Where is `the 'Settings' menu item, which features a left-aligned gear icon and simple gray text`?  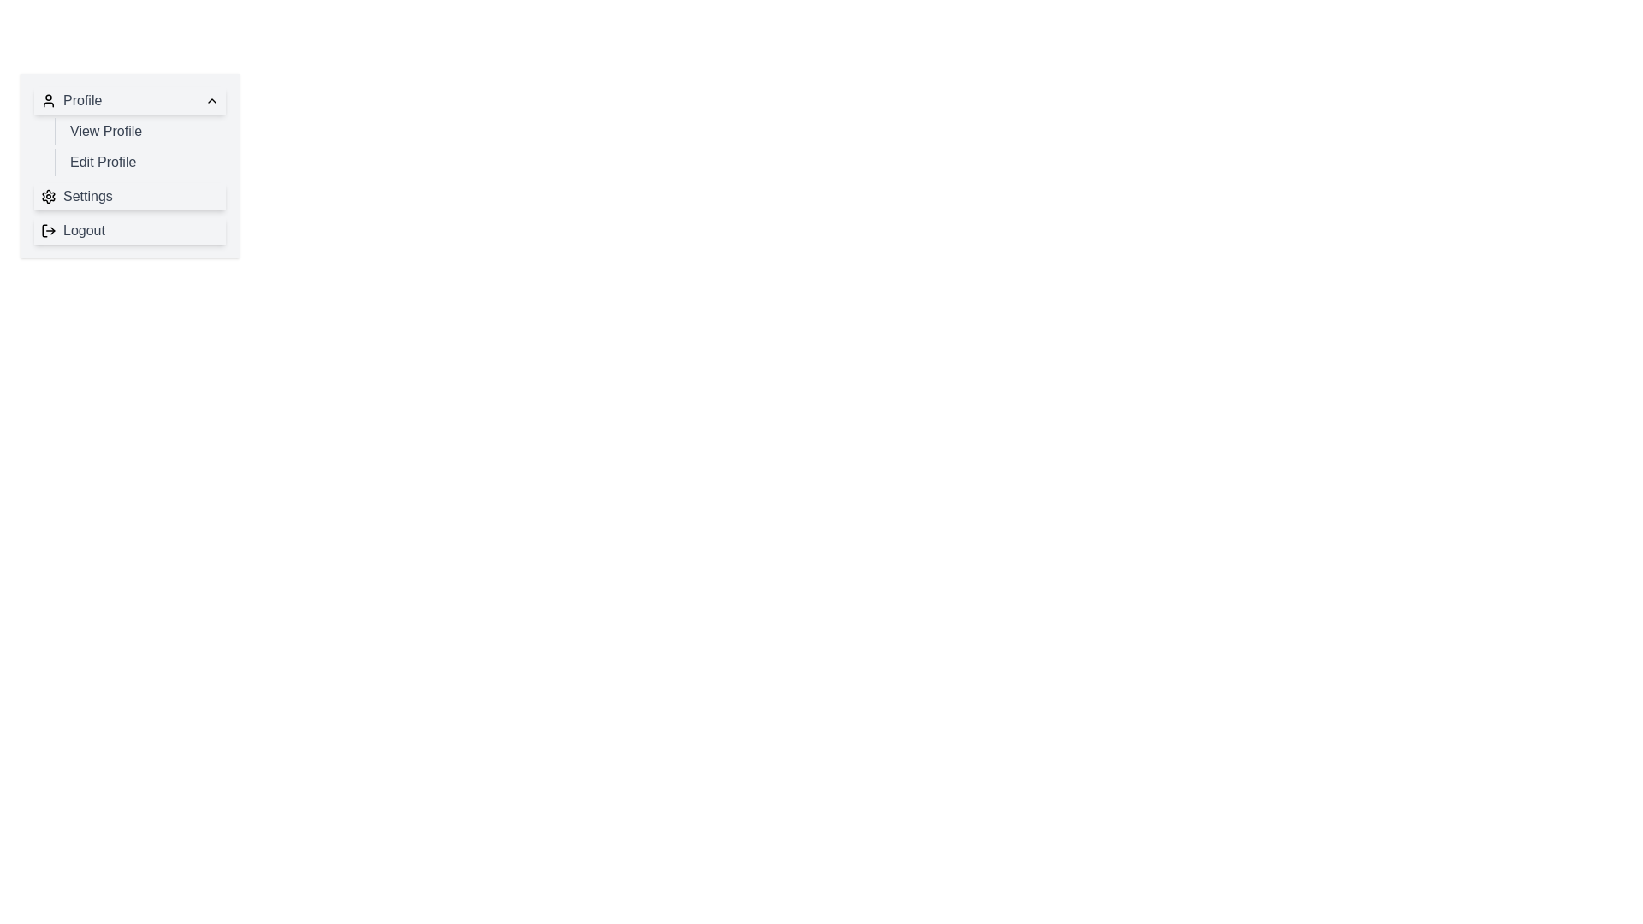
the 'Settings' menu item, which features a left-aligned gear icon and simple gray text is located at coordinates (75, 196).